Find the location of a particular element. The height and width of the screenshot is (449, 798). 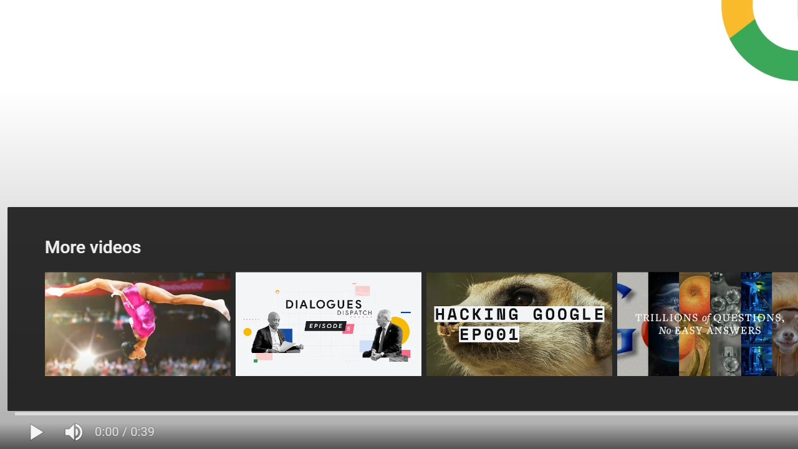

'Threat Analysis Group | HACKING GOOGLE | Documentary EP001' is located at coordinates (519, 323).